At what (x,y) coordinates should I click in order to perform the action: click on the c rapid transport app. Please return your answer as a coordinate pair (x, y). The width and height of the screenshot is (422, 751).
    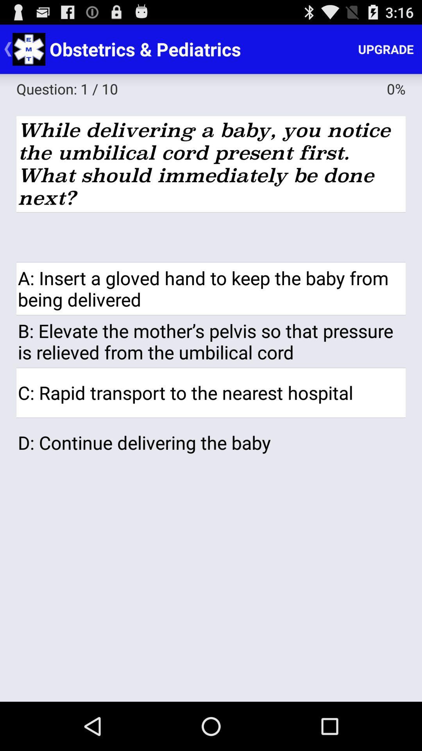
    Looking at the image, I should click on (211, 393).